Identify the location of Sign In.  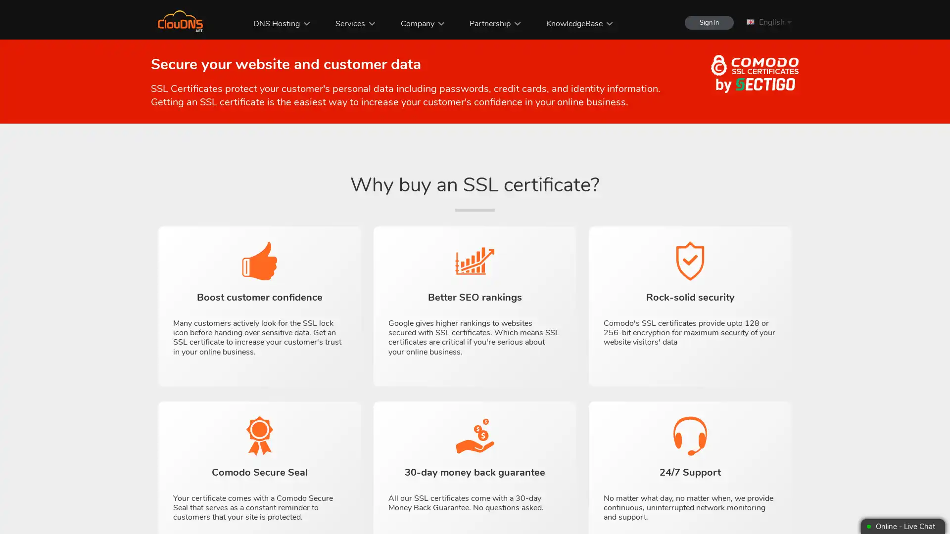
(707, 22).